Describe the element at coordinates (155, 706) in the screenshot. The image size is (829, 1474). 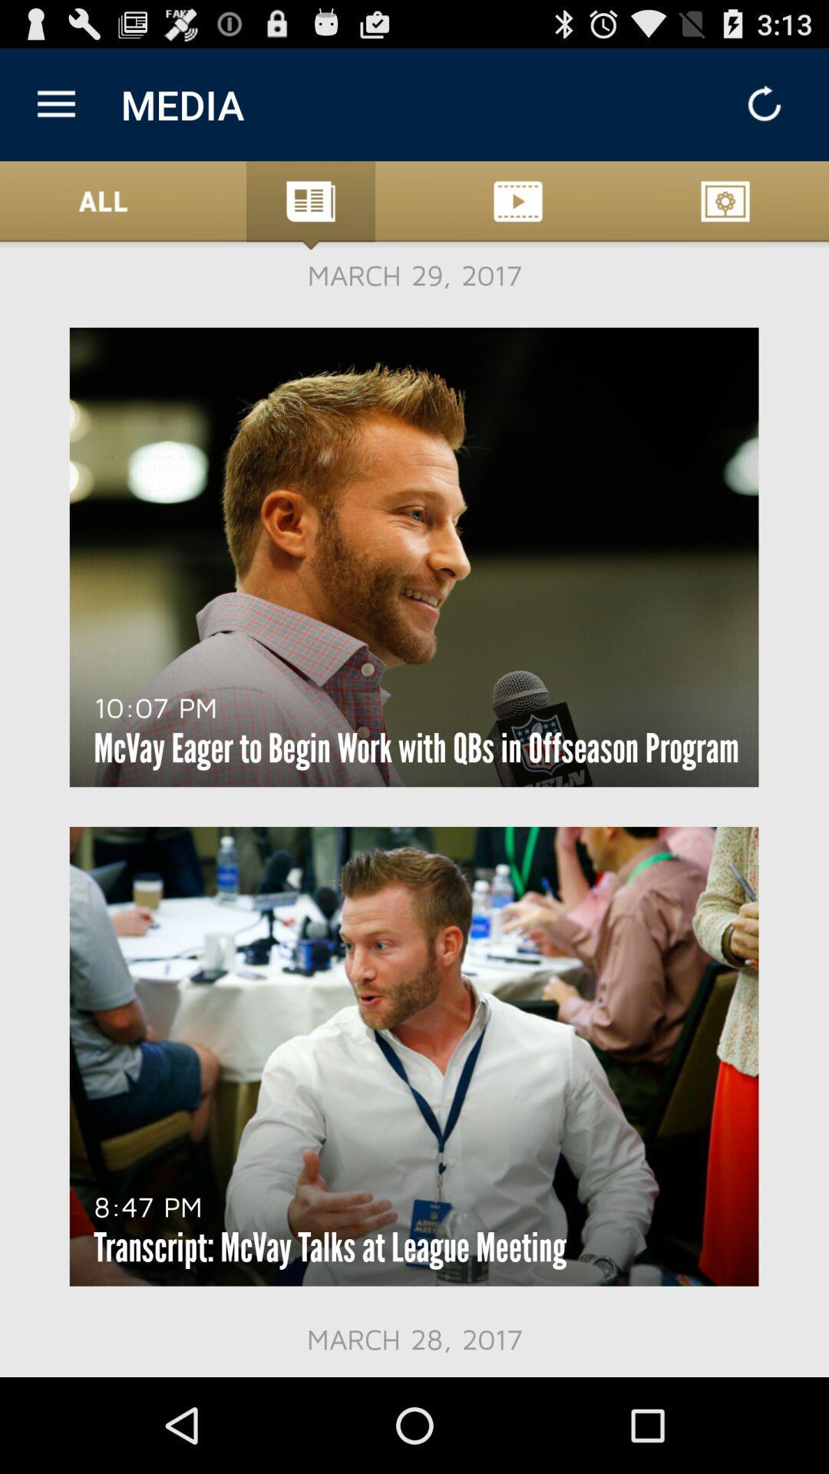
I see `the icon on the left` at that location.